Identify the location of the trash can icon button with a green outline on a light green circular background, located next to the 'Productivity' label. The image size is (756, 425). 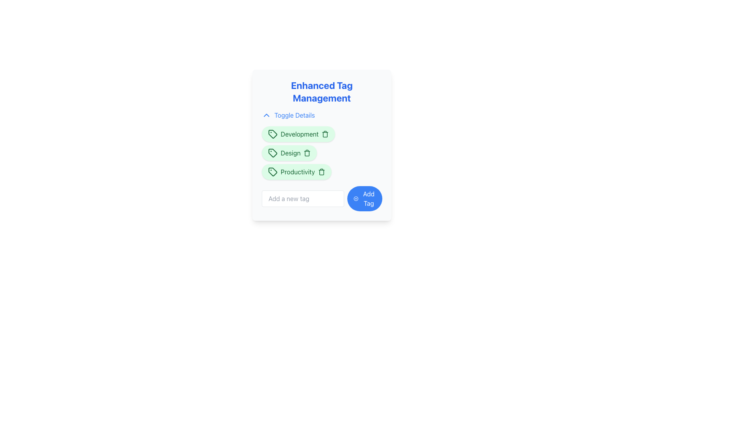
(321, 171).